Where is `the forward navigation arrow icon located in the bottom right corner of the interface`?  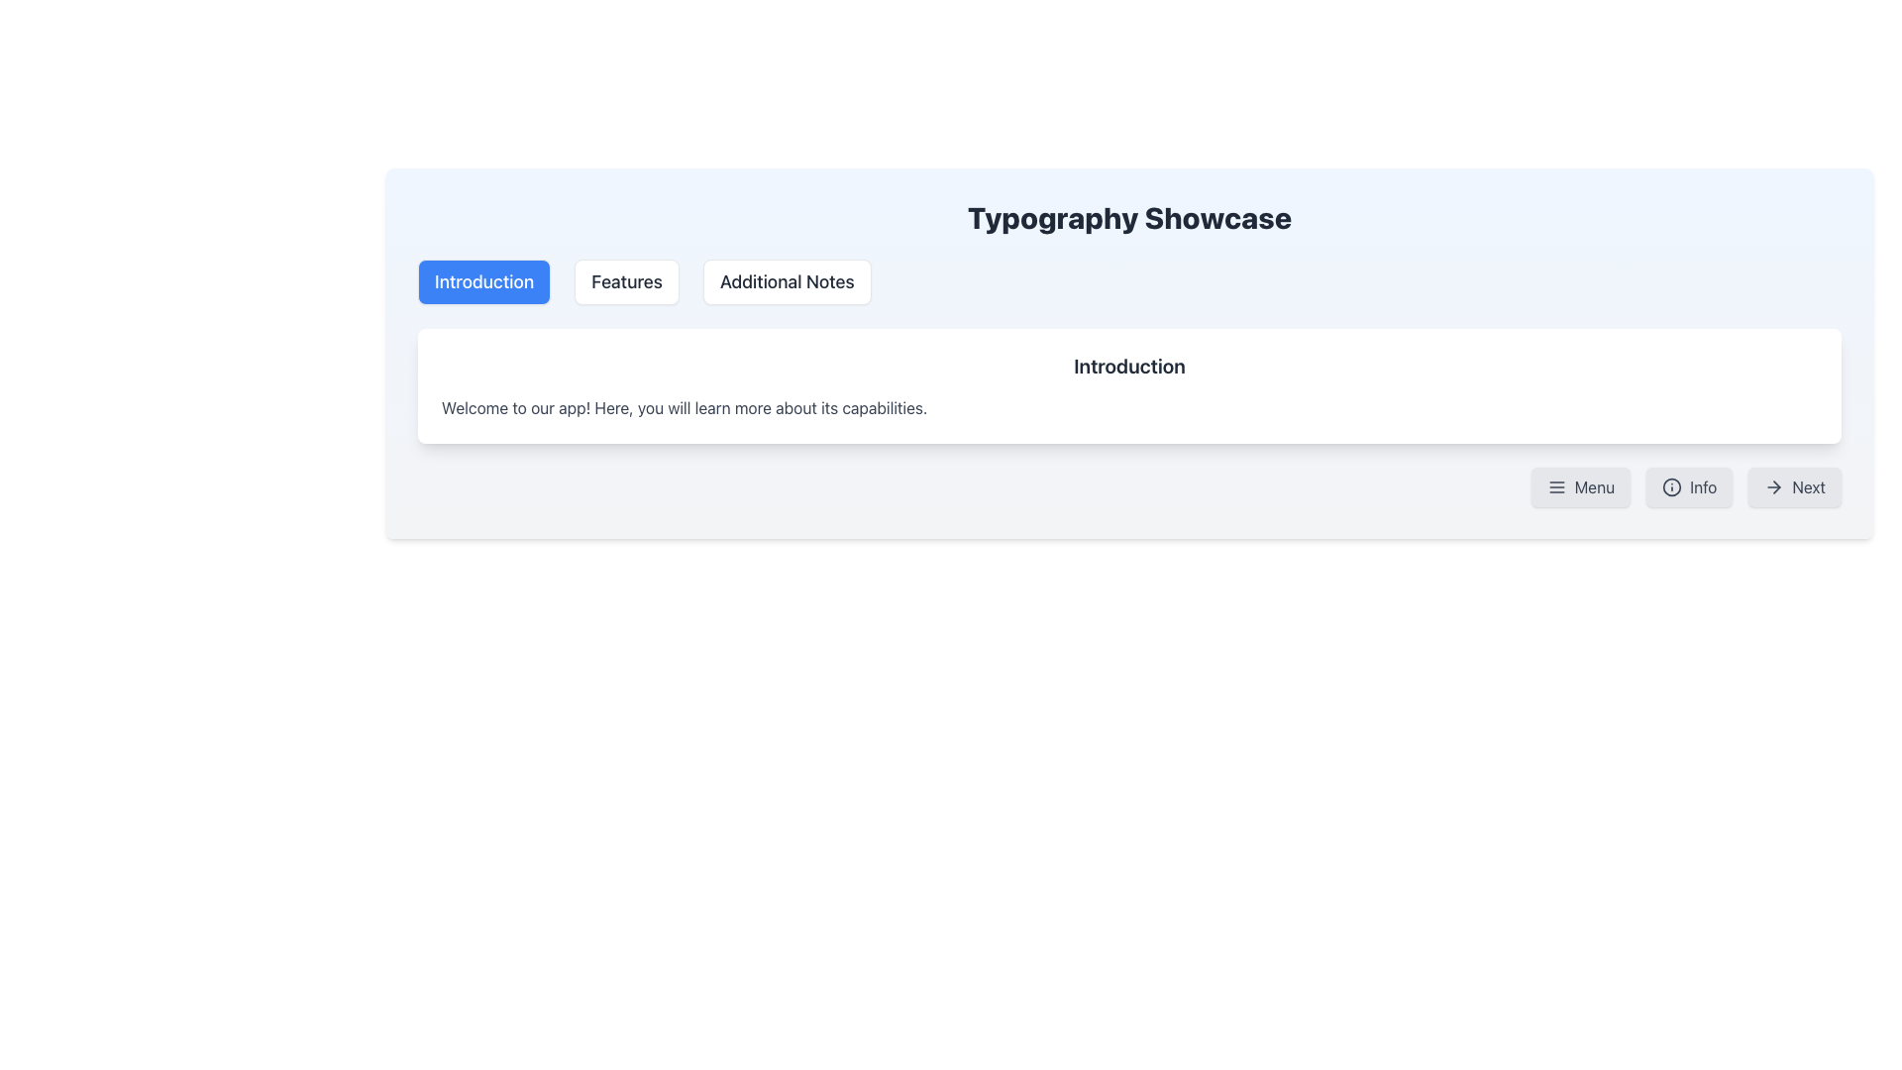 the forward navigation arrow icon located in the bottom right corner of the interface is located at coordinates (1777, 487).